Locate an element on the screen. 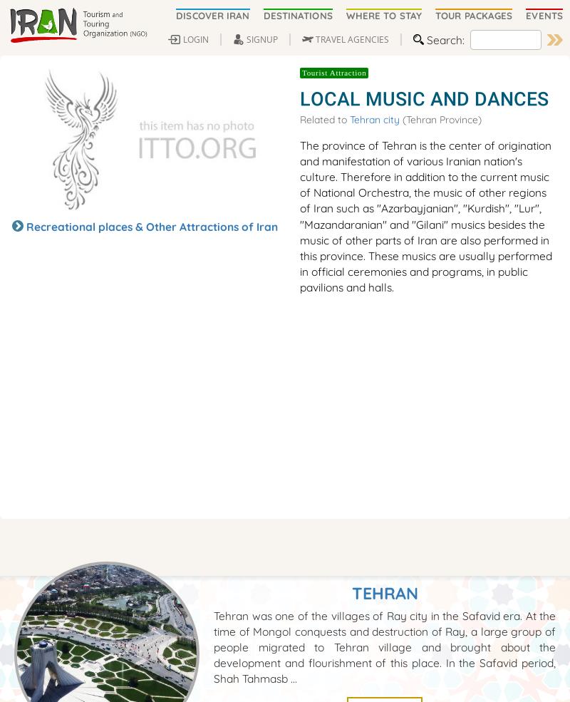  'Tehran was one of the villages of Ray city in the Safavid era. At the time of Mongol conquests and destruction of Ray, a large group of people migrated to Tehran village and brought about the development and flourishment of this place. In the Safavid period, Shah Tahmasb ...' is located at coordinates (385, 646).